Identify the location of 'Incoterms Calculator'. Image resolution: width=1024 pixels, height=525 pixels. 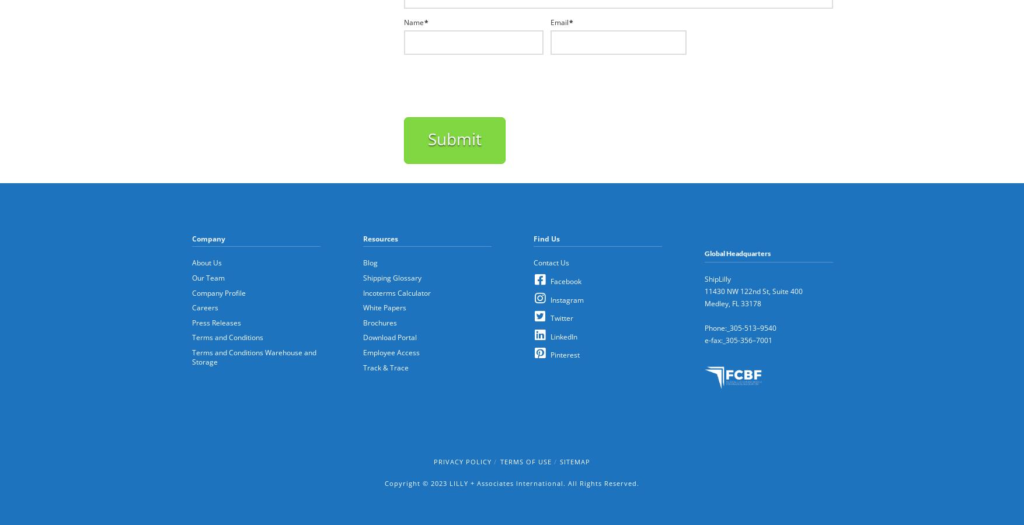
(395, 291).